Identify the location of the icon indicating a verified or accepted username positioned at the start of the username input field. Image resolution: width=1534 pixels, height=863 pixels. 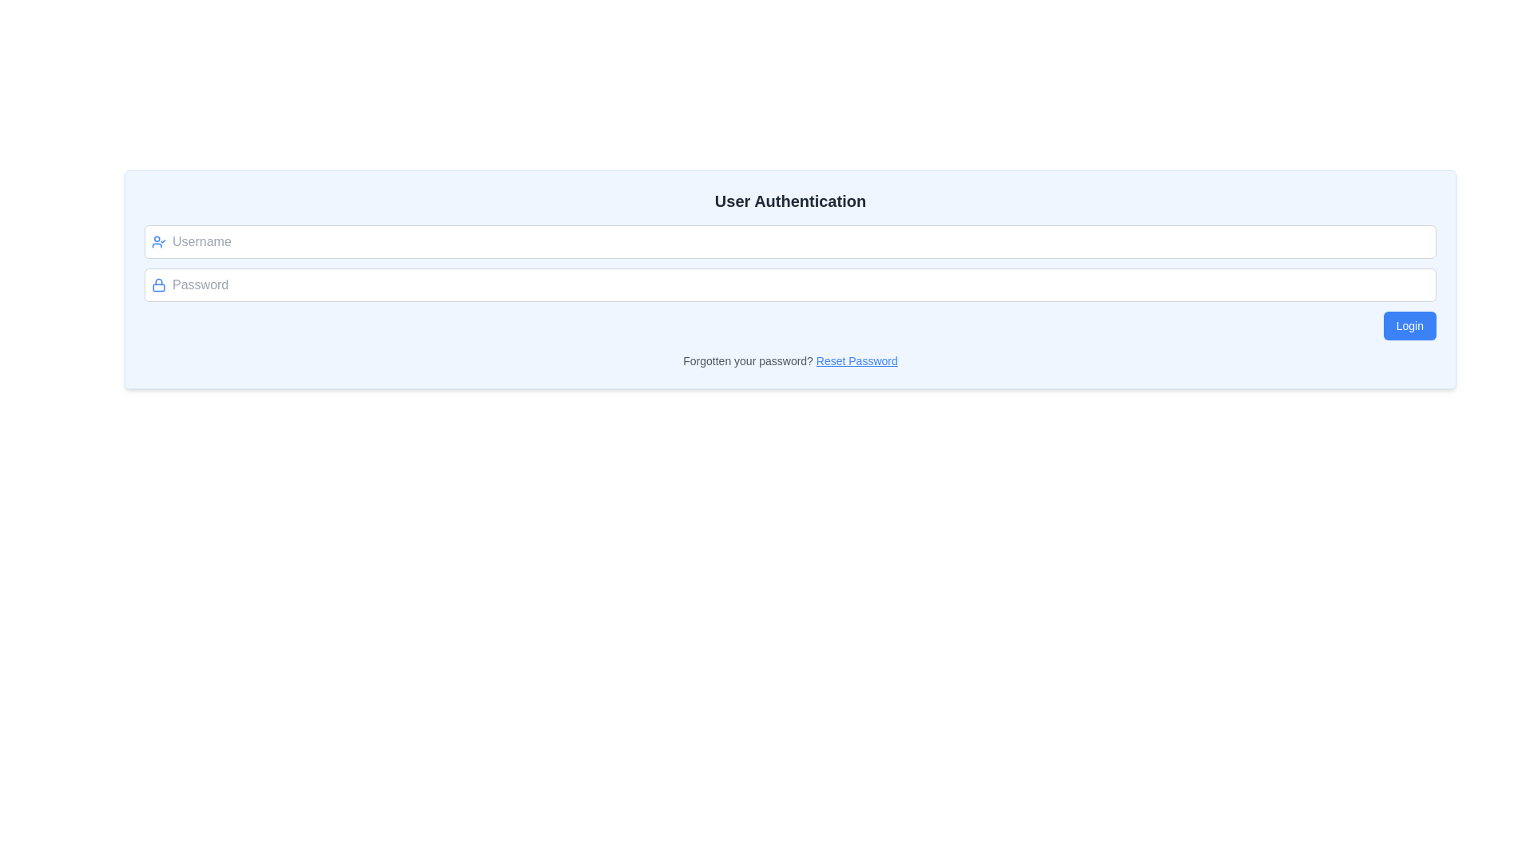
(158, 242).